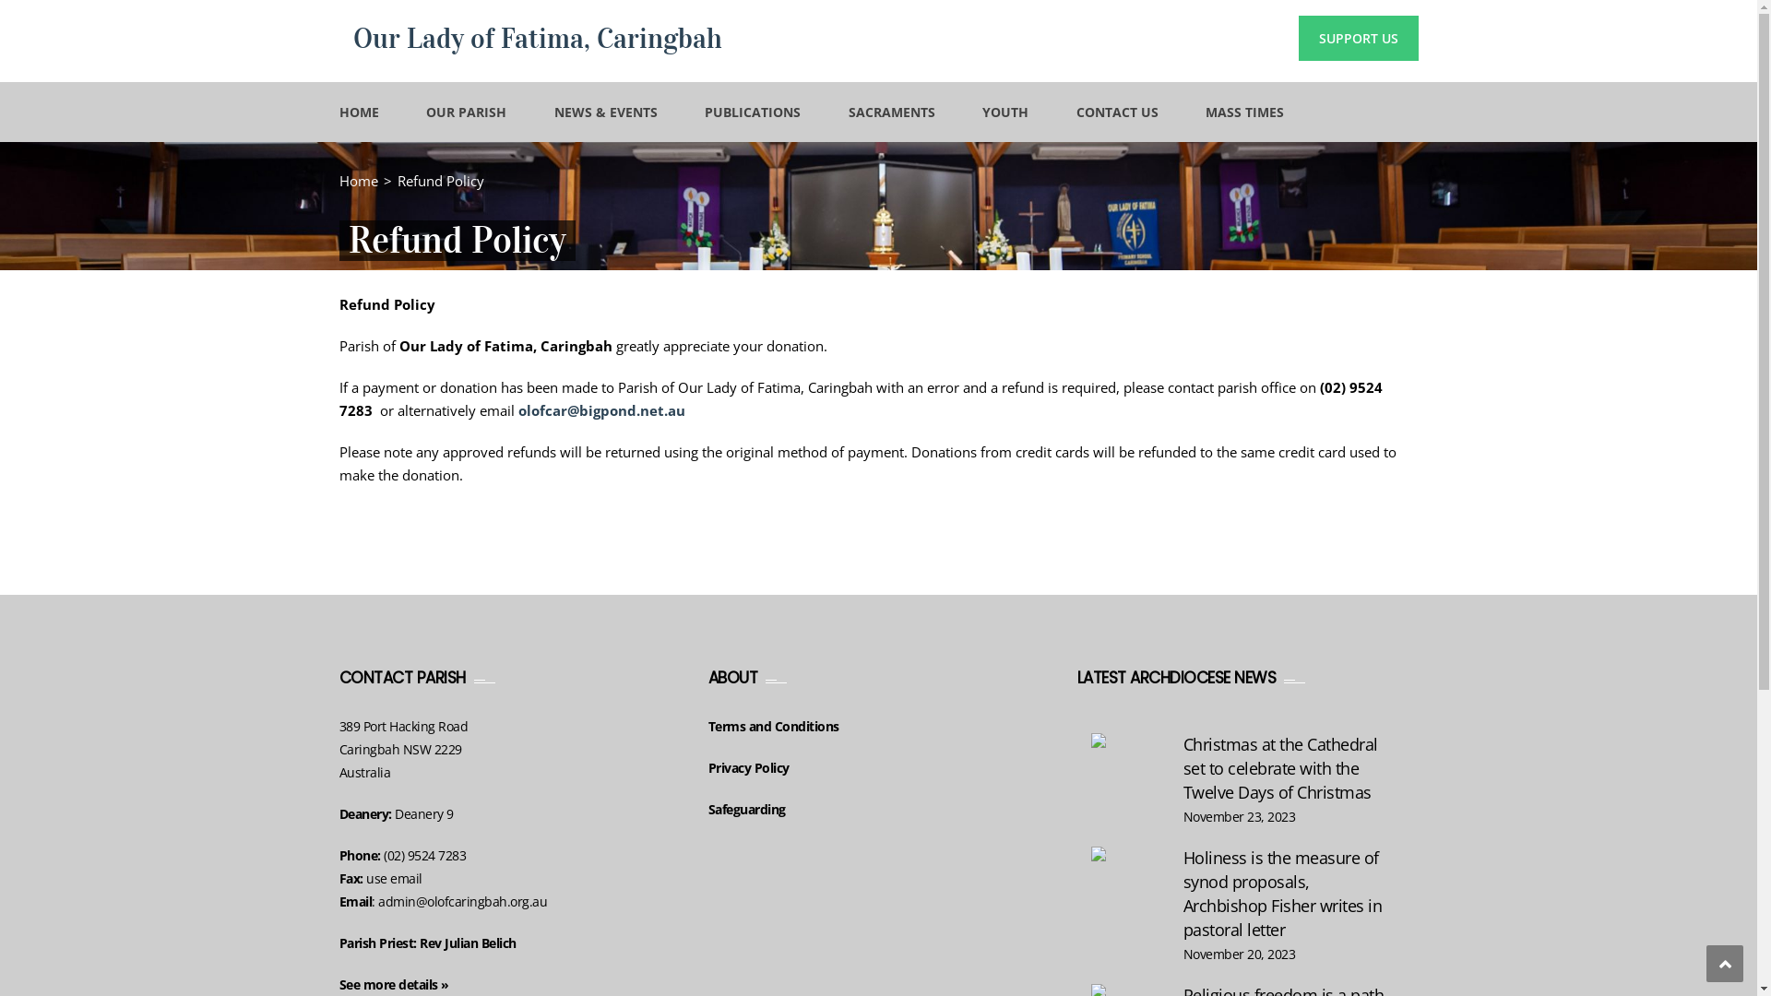 Image resolution: width=1771 pixels, height=996 pixels. What do you see at coordinates (339, 983) in the screenshot?
I see `'See more details'` at bounding box center [339, 983].